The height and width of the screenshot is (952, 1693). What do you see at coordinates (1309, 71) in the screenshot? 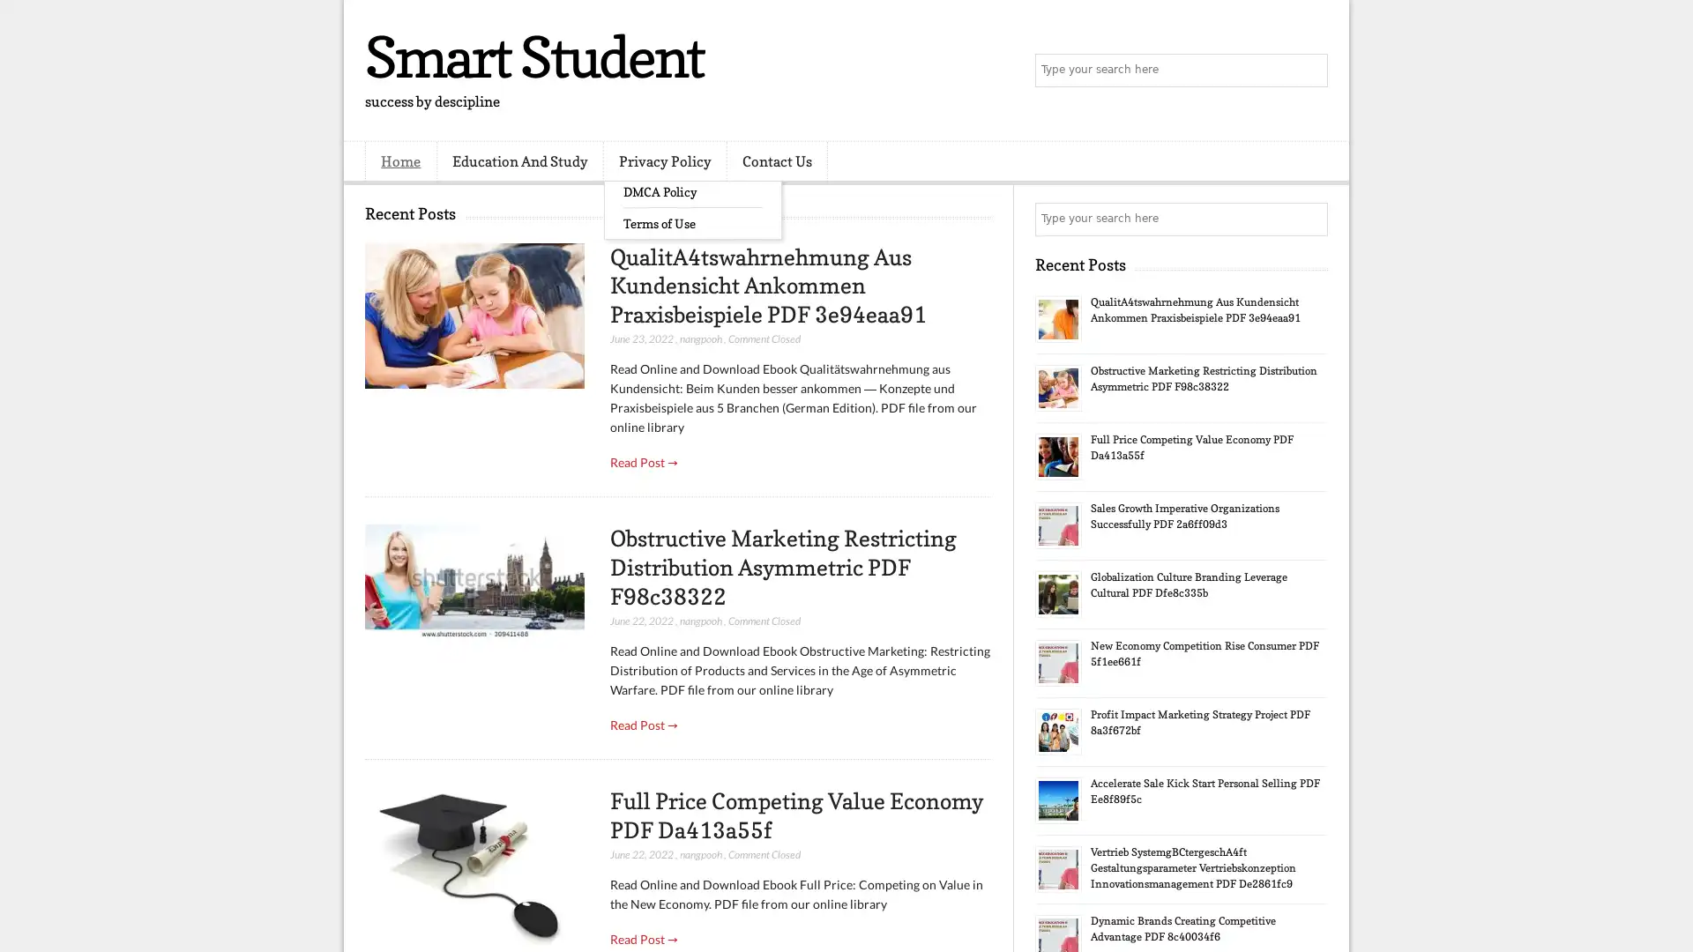
I see `Search` at bounding box center [1309, 71].